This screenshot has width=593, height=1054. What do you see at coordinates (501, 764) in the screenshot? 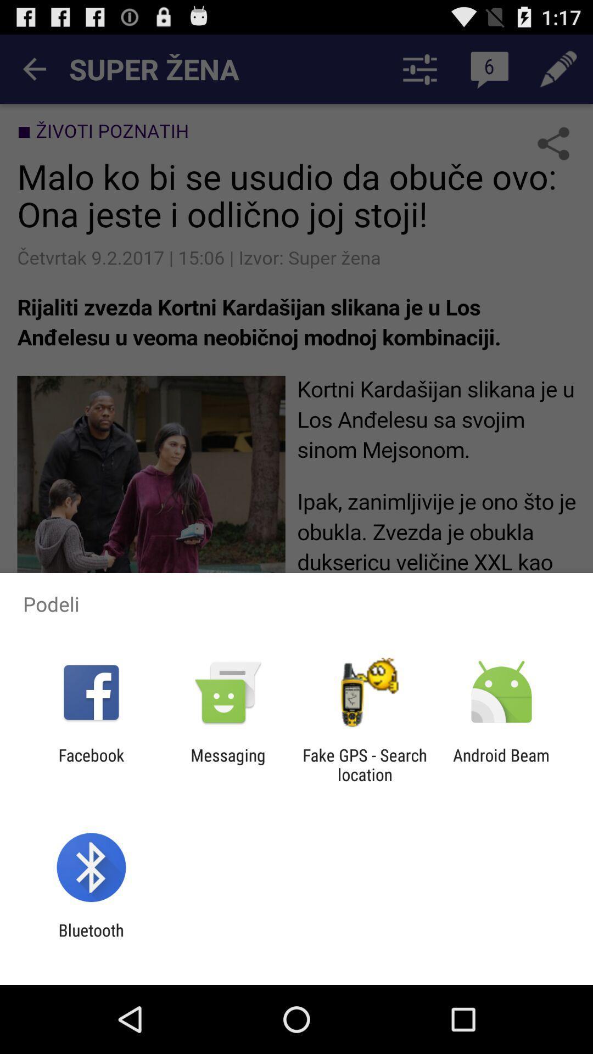
I see `icon next to the fake gps search app` at bounding box center [501, 764].